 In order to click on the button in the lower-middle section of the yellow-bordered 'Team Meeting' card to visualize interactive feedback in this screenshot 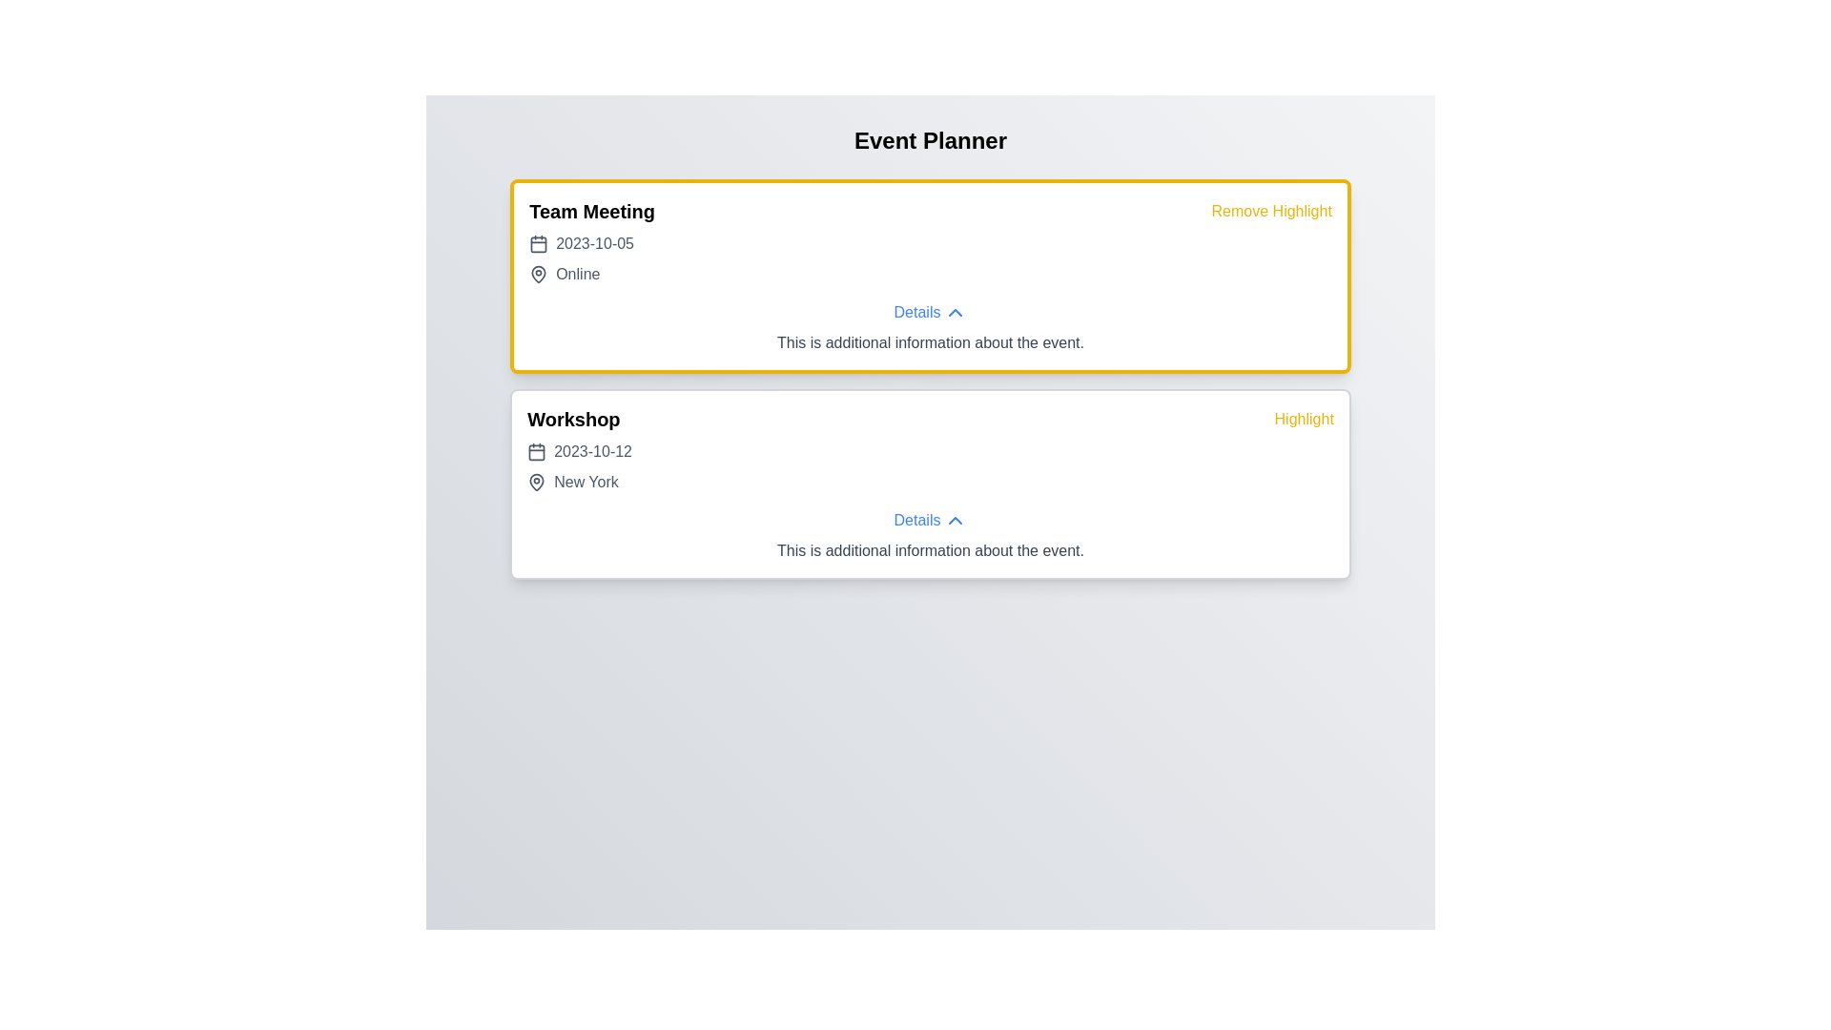, I will do `click(930, 311)`.